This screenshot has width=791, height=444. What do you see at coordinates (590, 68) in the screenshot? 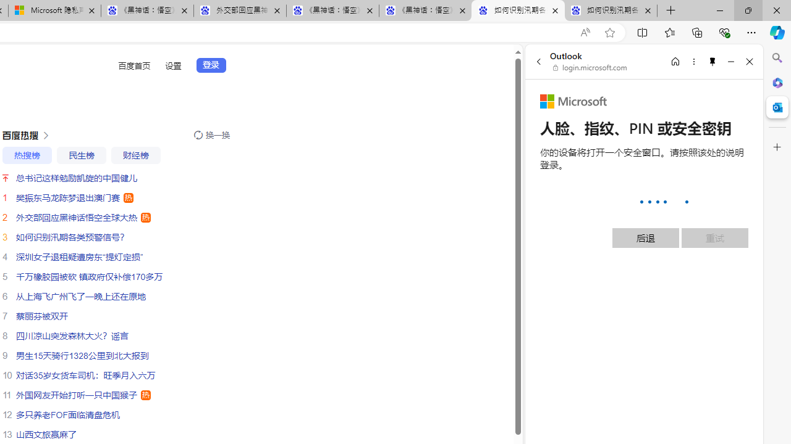
I see `'login.microsoft.com'` at bounding box center [590, 68].